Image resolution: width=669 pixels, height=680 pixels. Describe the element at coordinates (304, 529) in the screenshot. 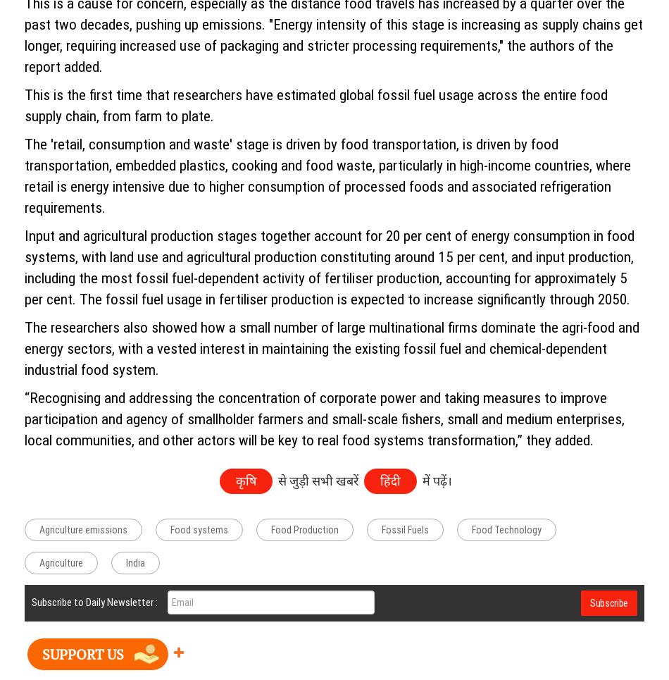

I see `'Food Production'` at that location.